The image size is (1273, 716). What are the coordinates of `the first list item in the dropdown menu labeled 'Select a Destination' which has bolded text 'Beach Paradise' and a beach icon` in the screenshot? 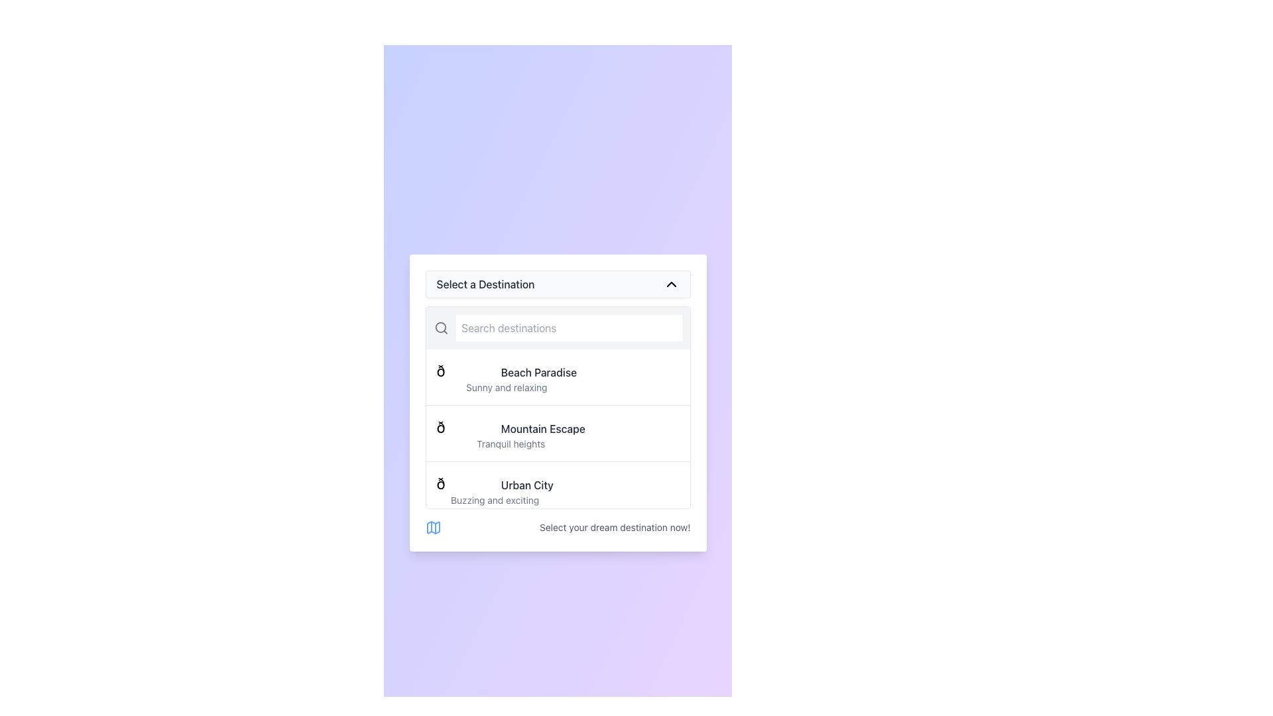 It's located at (558, 377).